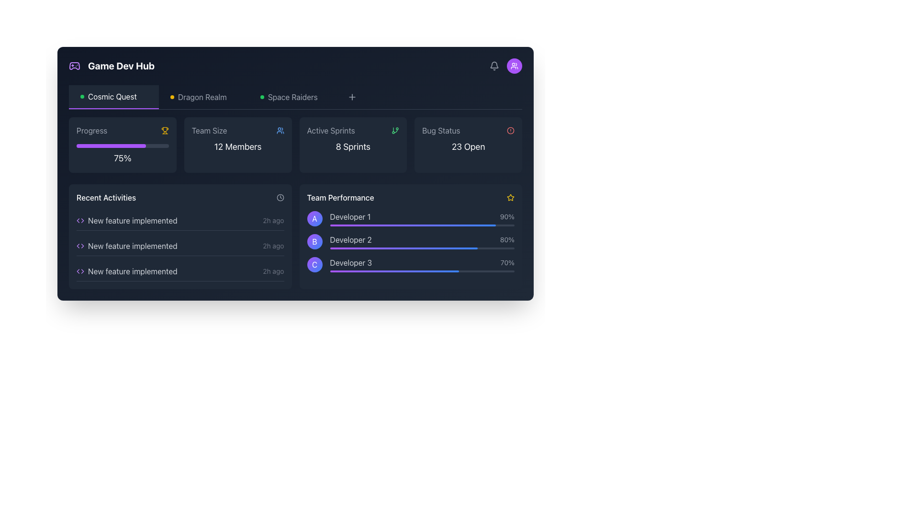  What do you see at coordinates (510, 197) in the screenshot?
I see `the star icon with a hollow outline and yellow fill, located to the far right of the 'Team Performance' section header` at bounding box center [510, 197].